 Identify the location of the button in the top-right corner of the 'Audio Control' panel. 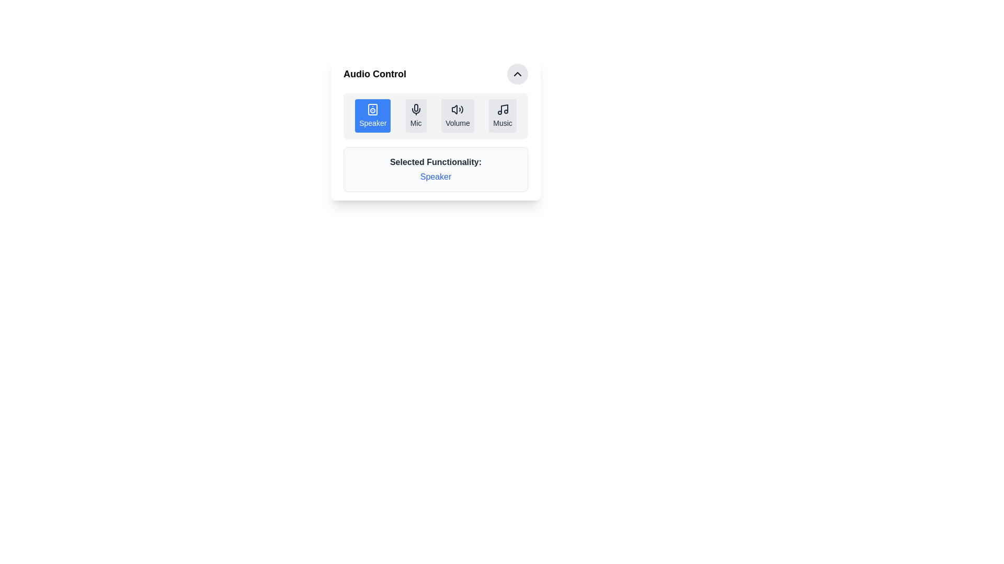
(517, 74).